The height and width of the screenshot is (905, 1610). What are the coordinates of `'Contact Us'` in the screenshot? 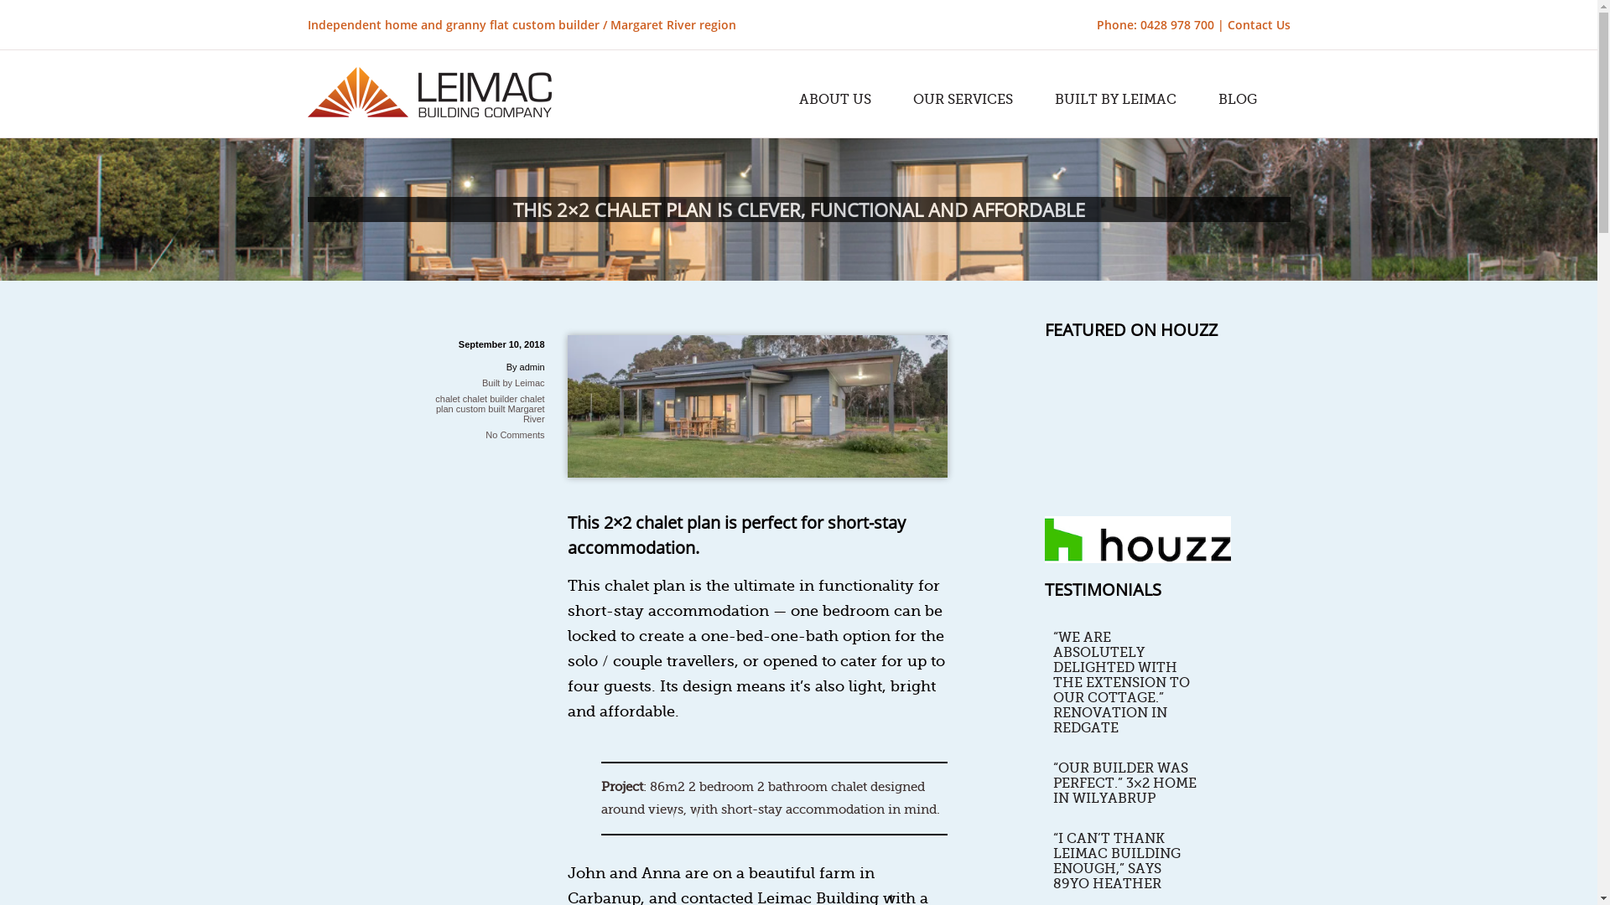 It's located at (1259, 24).